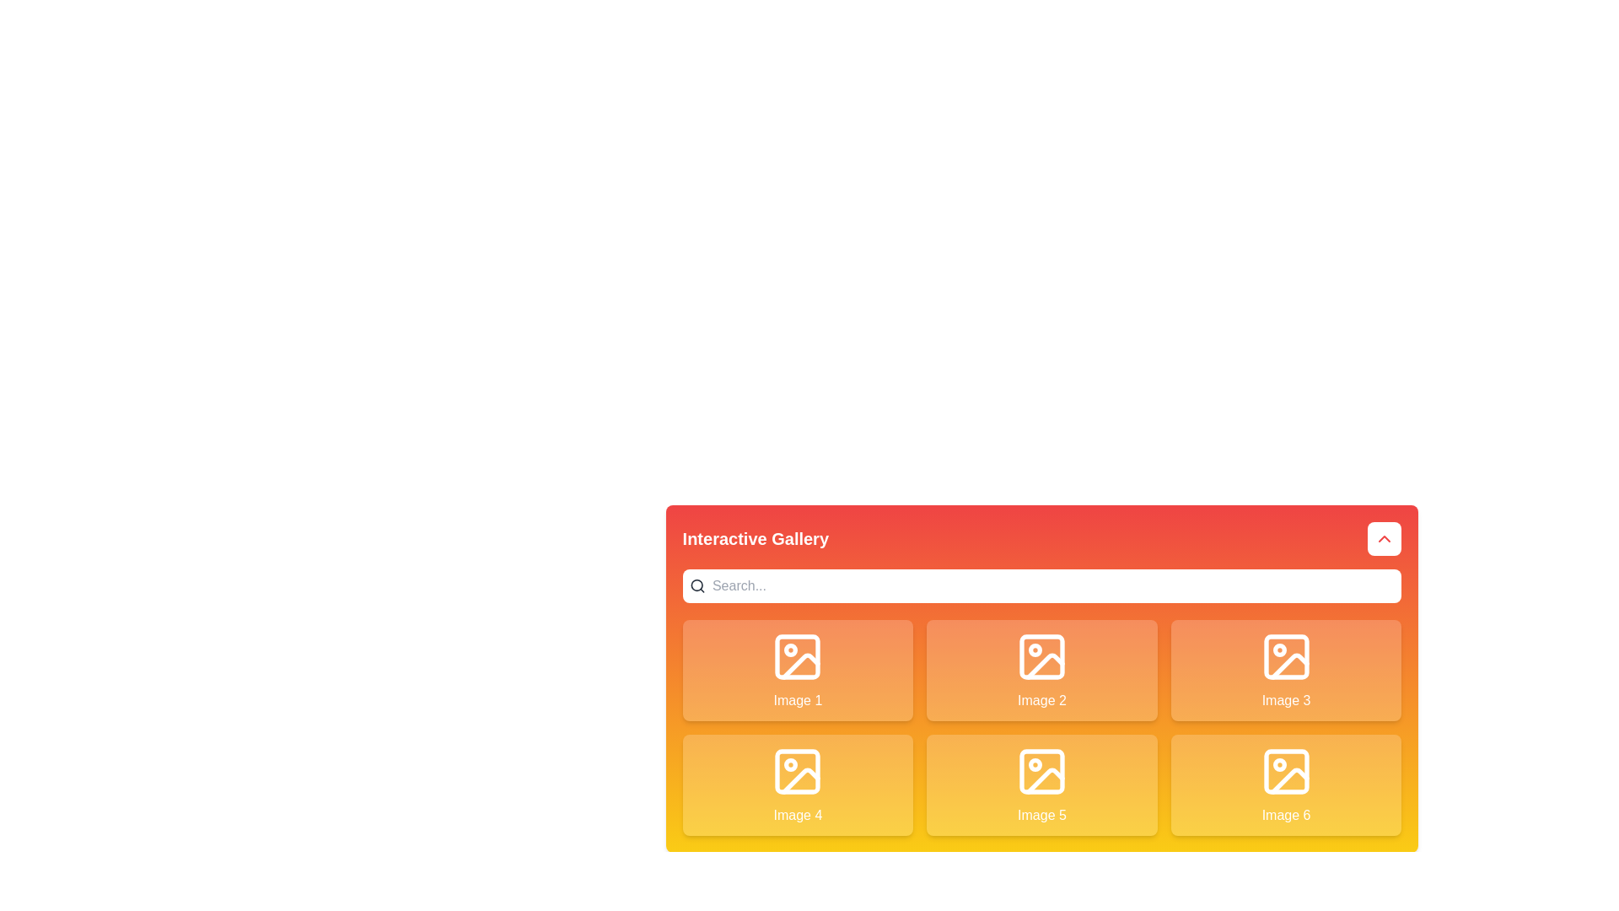 The height and width of the screenshot is (911, 1619). What do you see at coordinates (790, 650) in the screenshot?
I see `the small circular dot within the top-left image icon of the SVG-based grid layout` at bounding box center [790, 650].